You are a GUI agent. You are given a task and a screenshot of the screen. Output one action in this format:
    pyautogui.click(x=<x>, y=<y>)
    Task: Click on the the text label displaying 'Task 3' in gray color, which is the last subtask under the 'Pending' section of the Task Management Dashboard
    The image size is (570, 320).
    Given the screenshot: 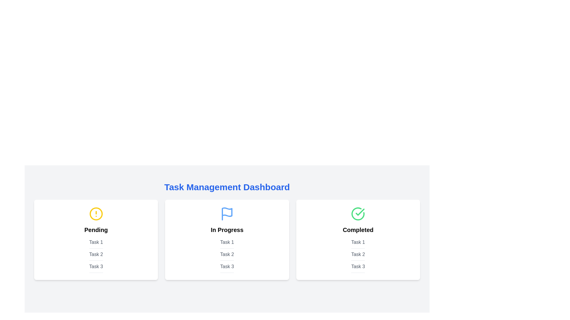 What is the action you would take?
    pyautogui.click(x=96, y=268)
    